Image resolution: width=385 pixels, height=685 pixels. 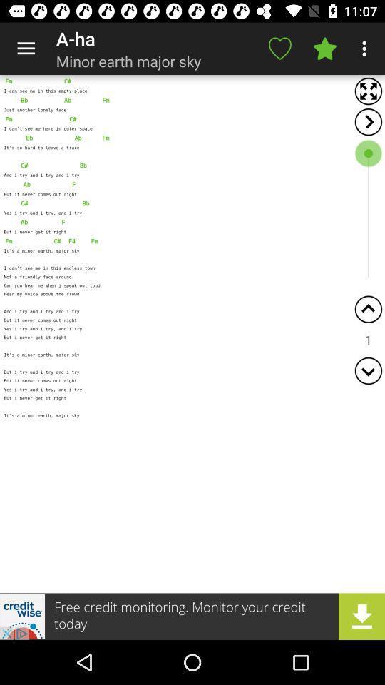 I want to click on forward arrow, so click(x=368, y=121).